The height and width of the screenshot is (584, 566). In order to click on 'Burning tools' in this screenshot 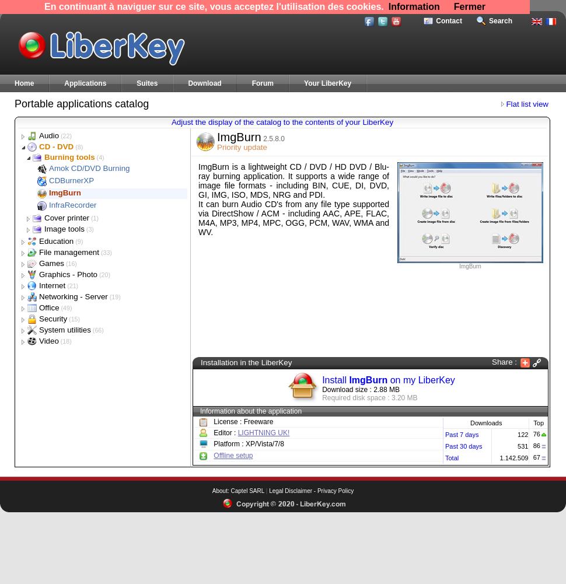, I will do `click(69, 156)`.